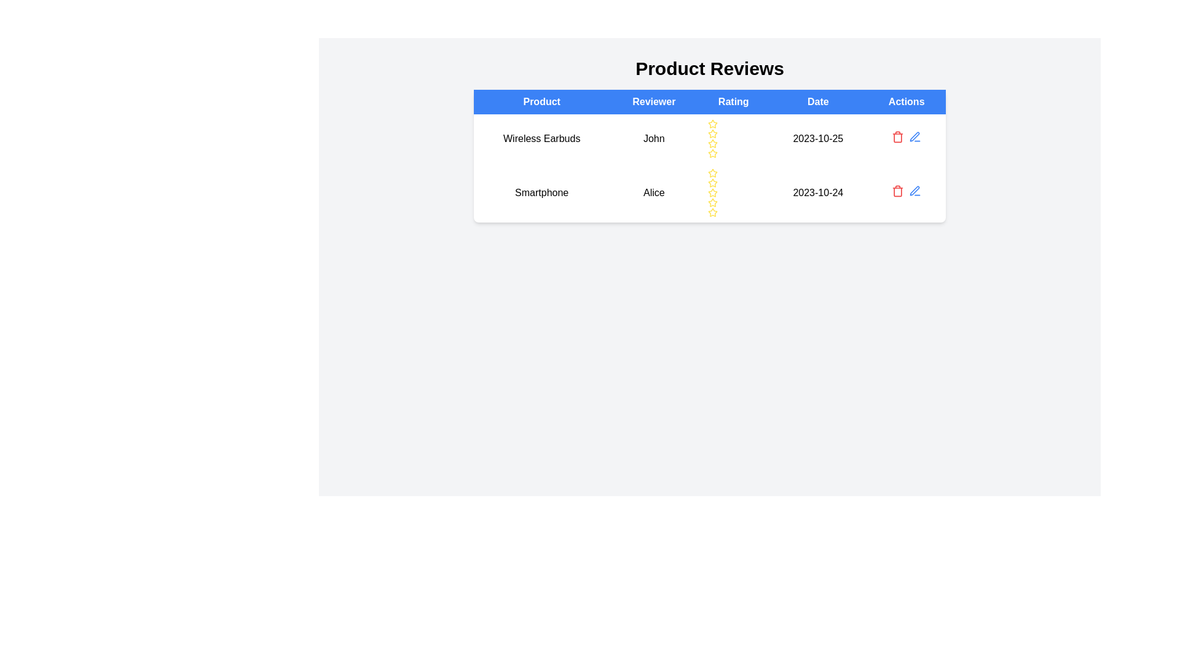 The image size is (1180, 664). What do you see at coordinates (733, 101) in the screenshot?
I see `the 'Rating' text header, which is the third header in a row of table headers, styled with a blue background and white text` at bounding box center [733, 101].